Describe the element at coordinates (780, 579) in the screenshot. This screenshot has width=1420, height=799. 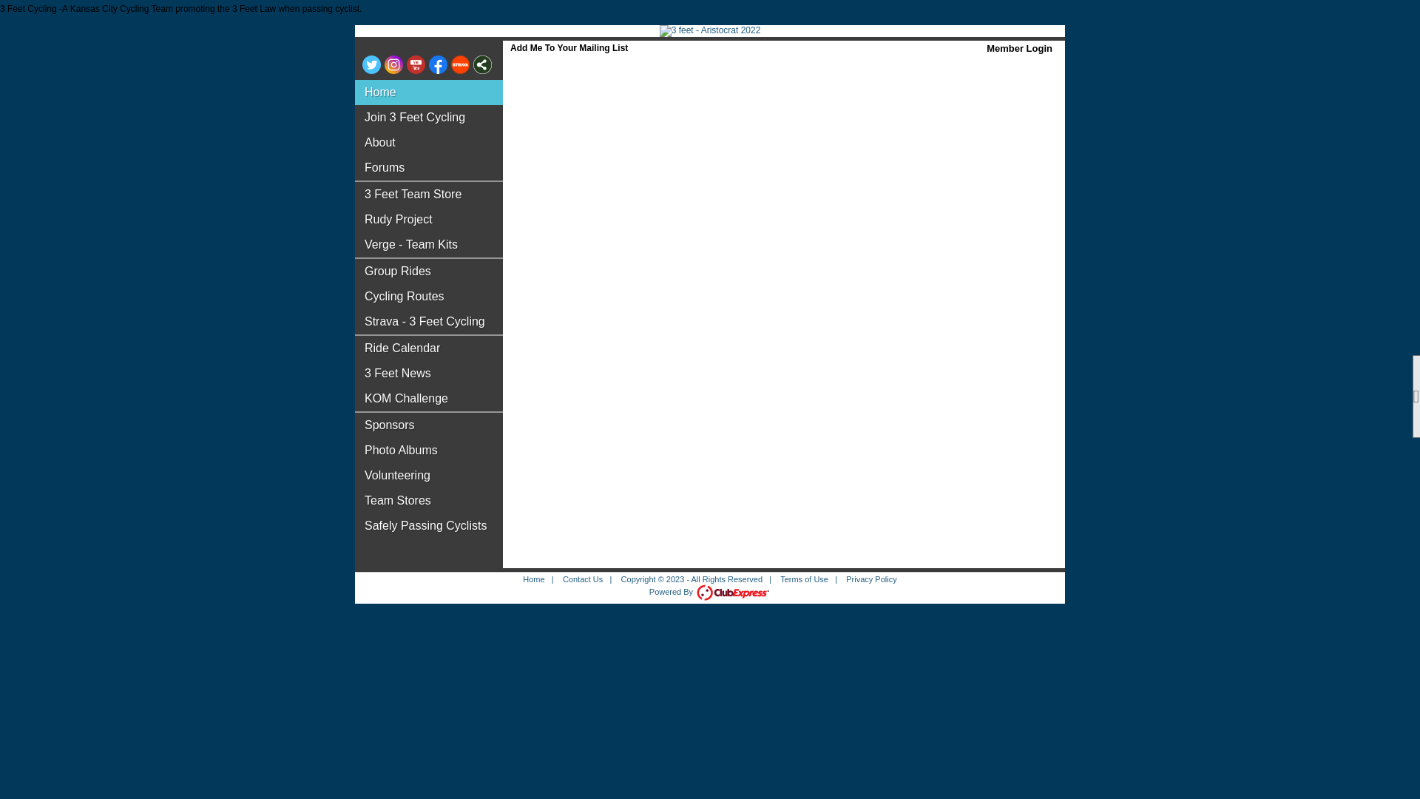
I see `'Terms of Use'` at that location.